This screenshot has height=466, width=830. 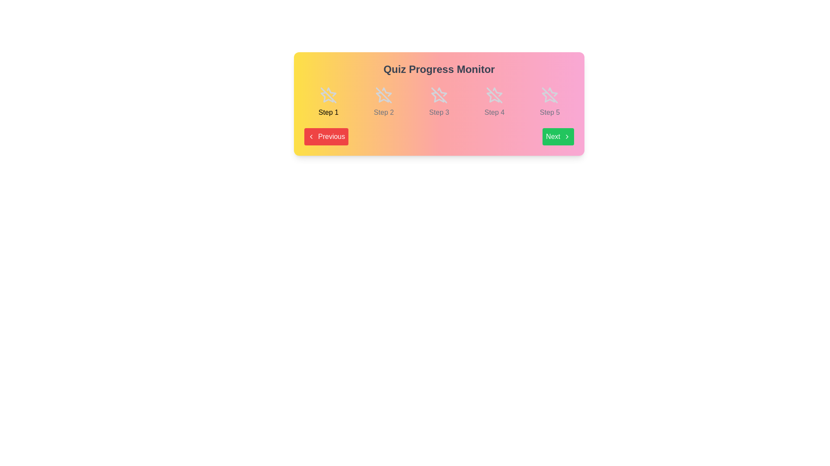 What do you see at coordinates (383, 101) in the screenshot?
I see `the second step in the multi-step progress indicator, which is visually represented by a composite of an icon and text label` at bounding box center [383, 101].